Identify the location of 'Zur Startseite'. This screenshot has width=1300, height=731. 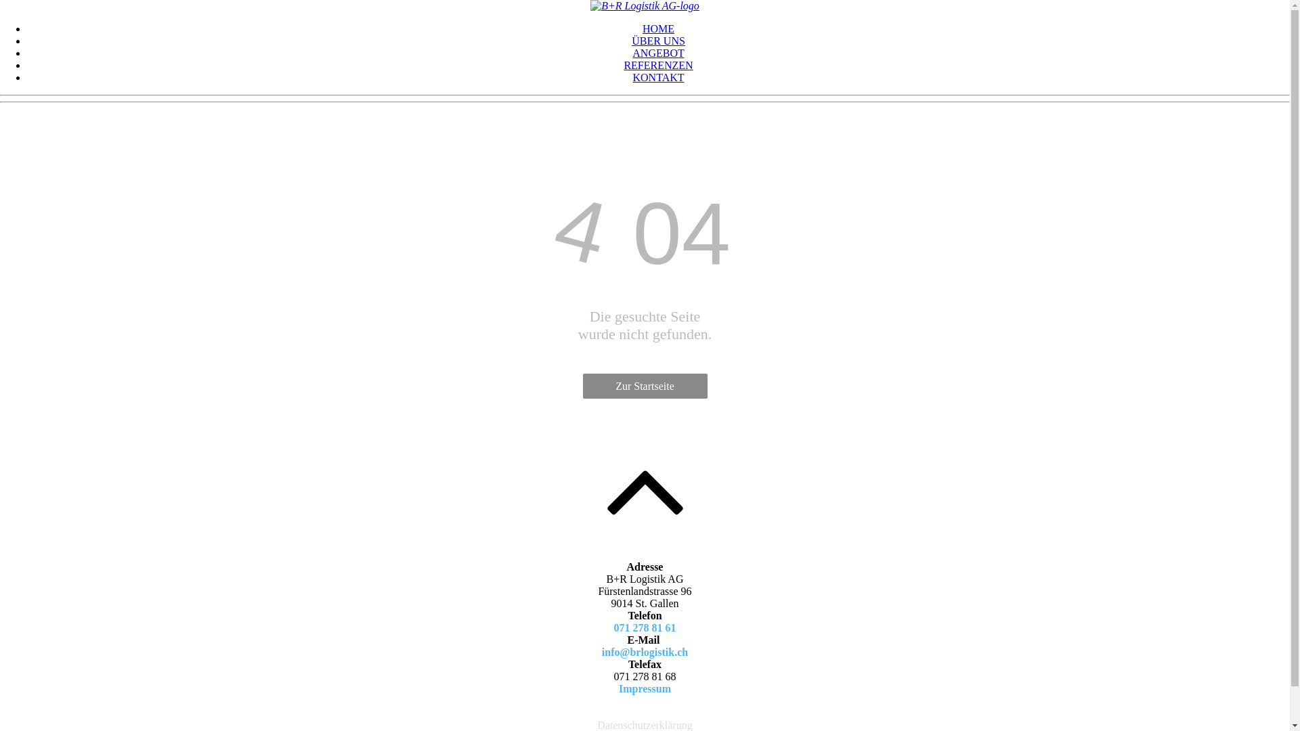
(643, 386).